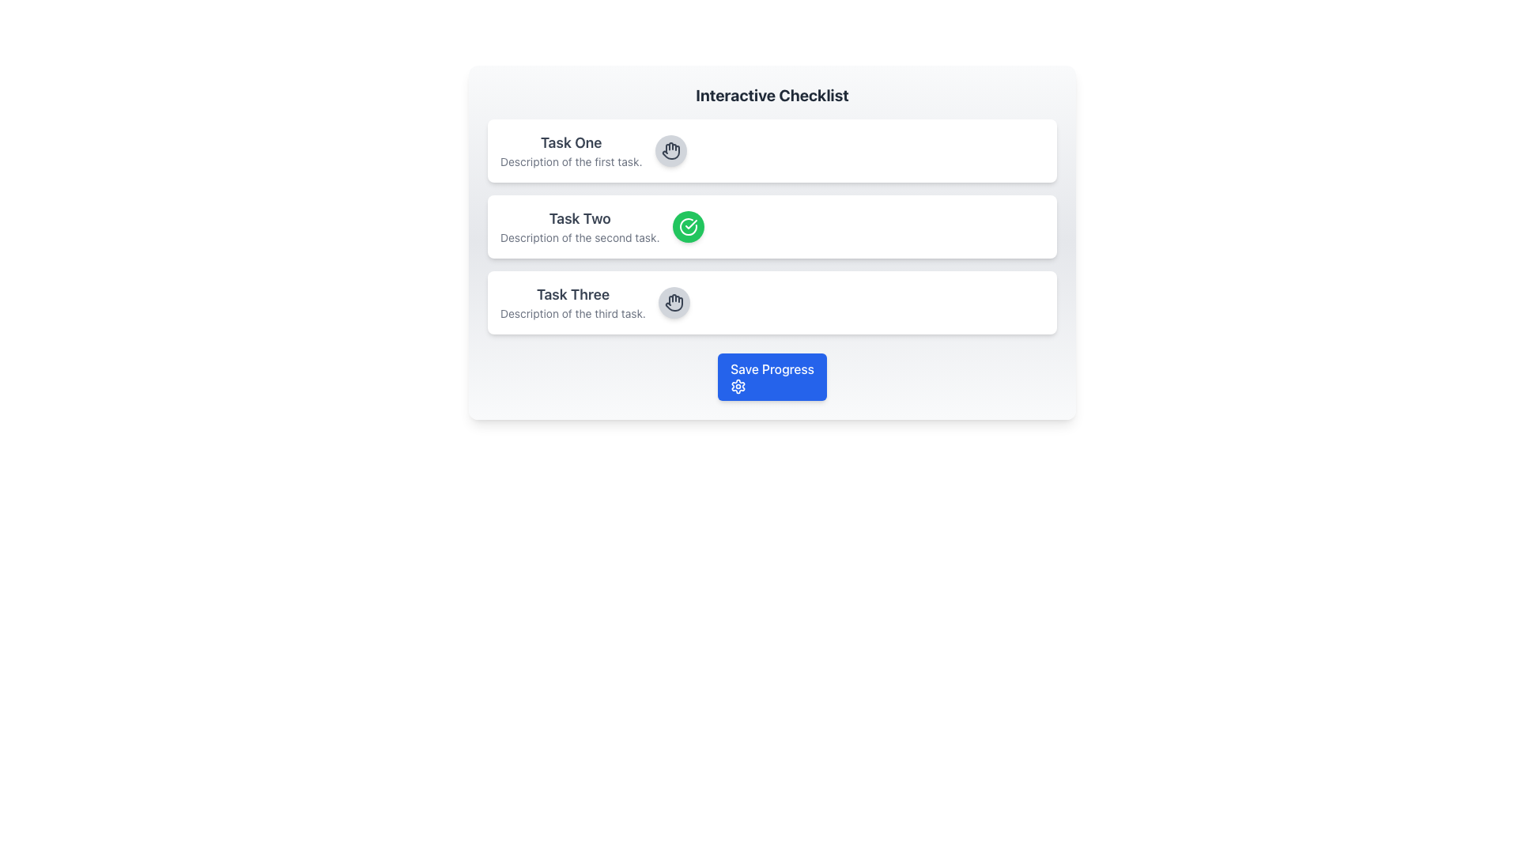 This screenshot has height=854, width=1518. What do you see at coordinates (688, 226) in the screenshot?
I see `the circular green button with a checkmark icon` at bounding box center [688, 226].